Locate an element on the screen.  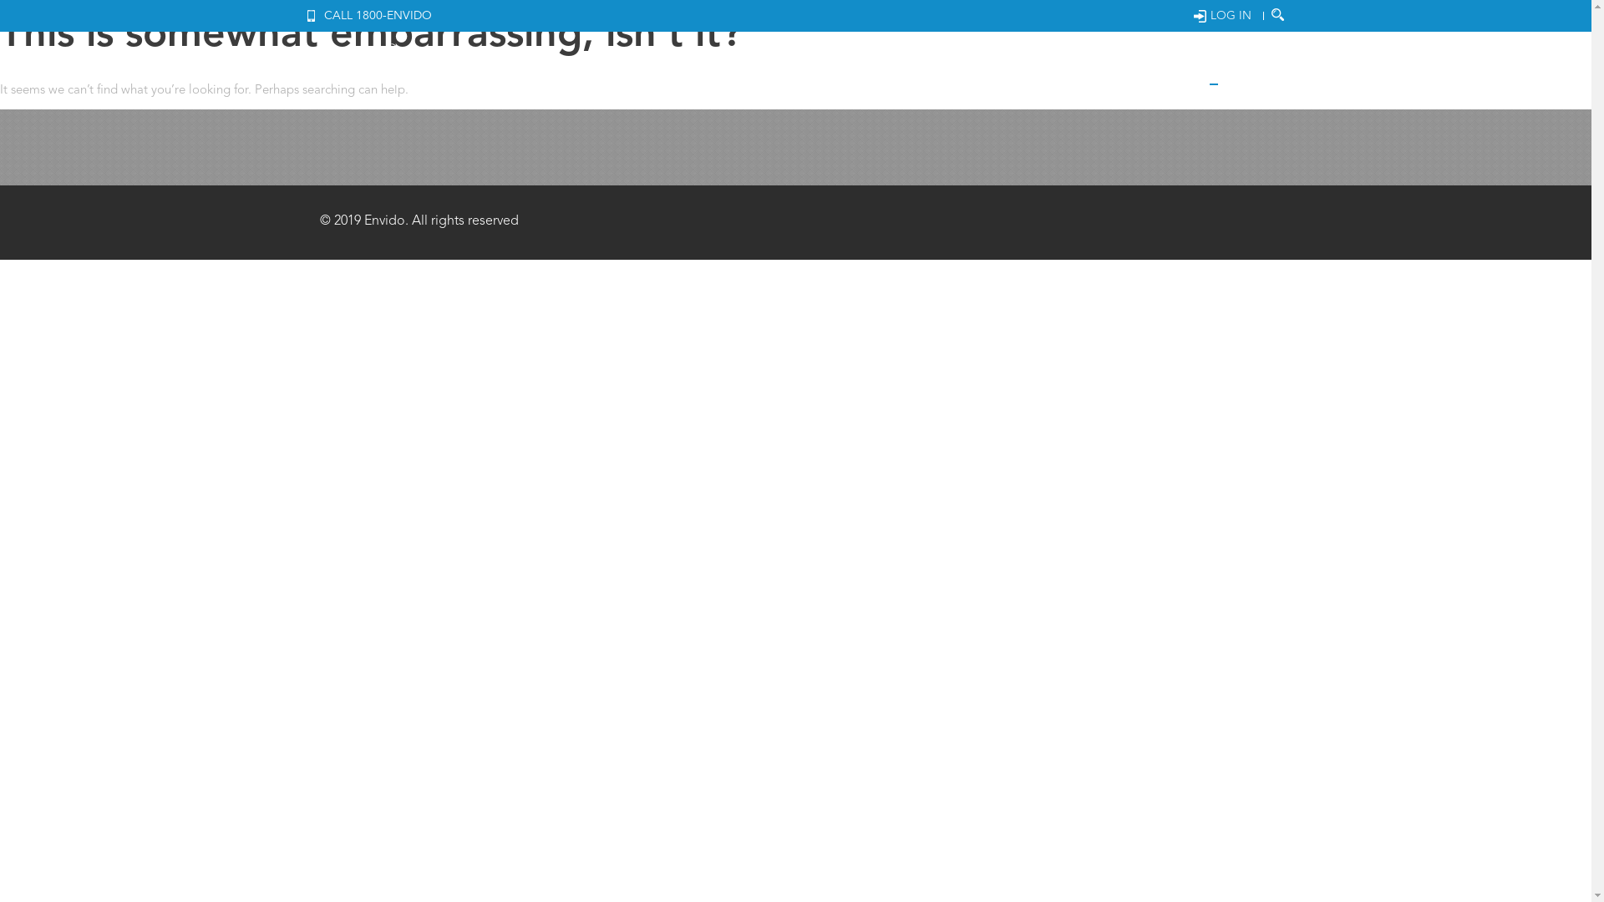
'LOG IN' is located at coordinates (1192, 16).